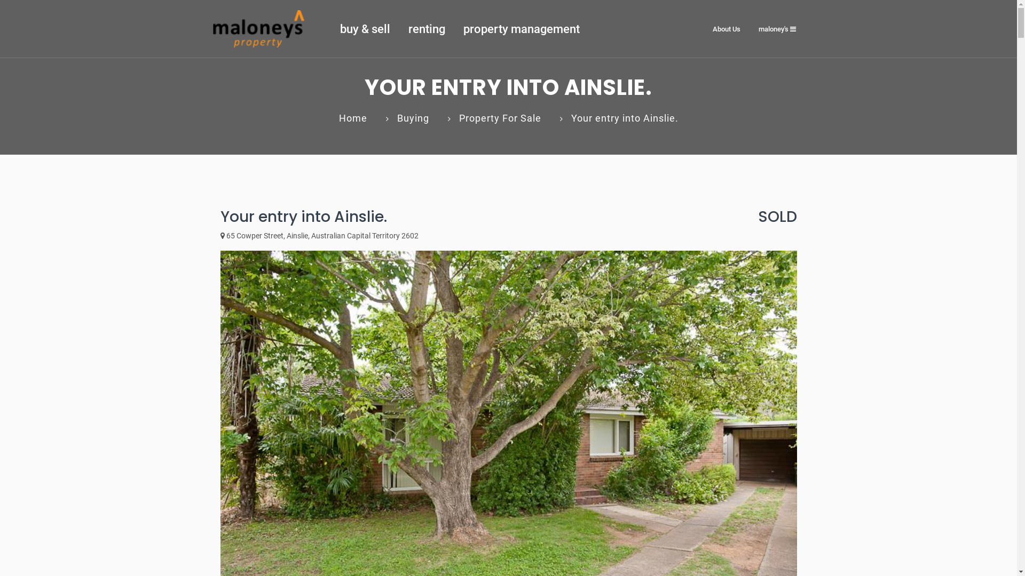  Describe the element at coordinates (412, 118) in the screenshot. I see `'Buying'` at that location.